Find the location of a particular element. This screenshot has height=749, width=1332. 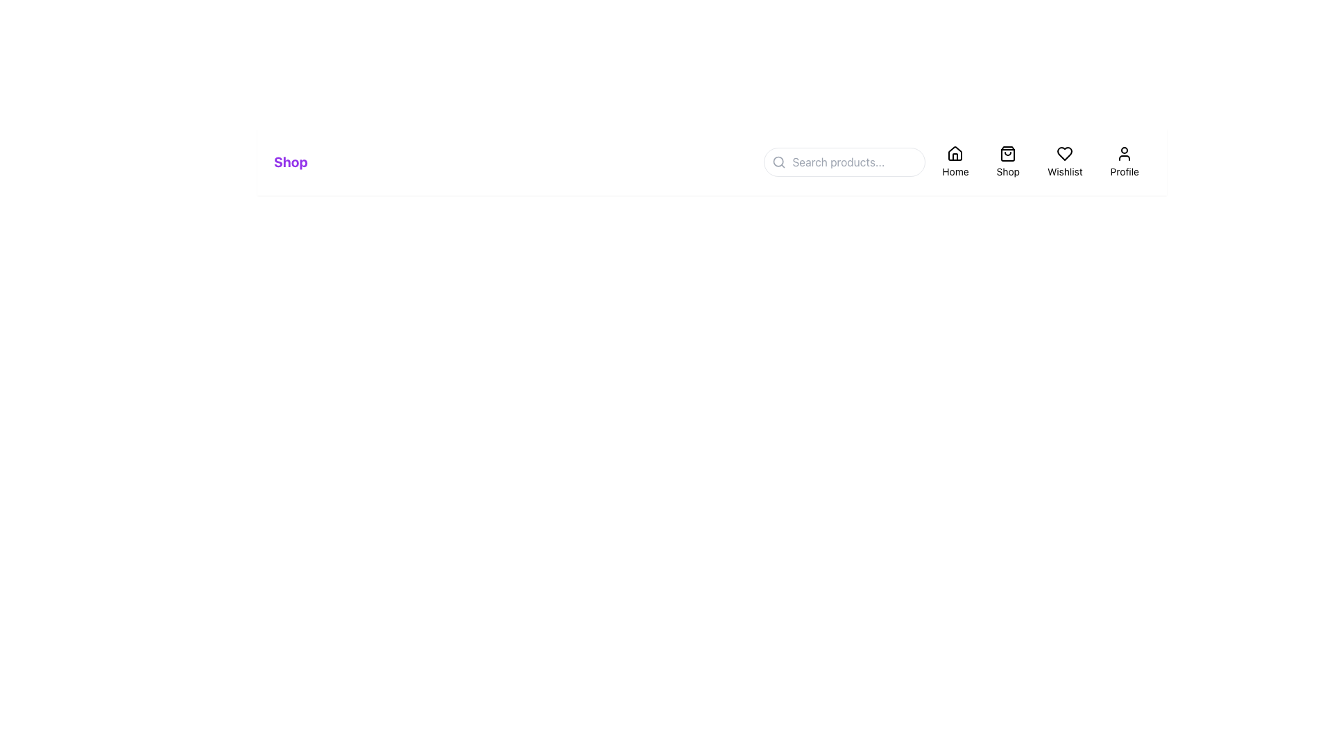

the navigation button for the shopping section, which is the second item in the horizontal navigation bar is located at coordinates (1008, 162).